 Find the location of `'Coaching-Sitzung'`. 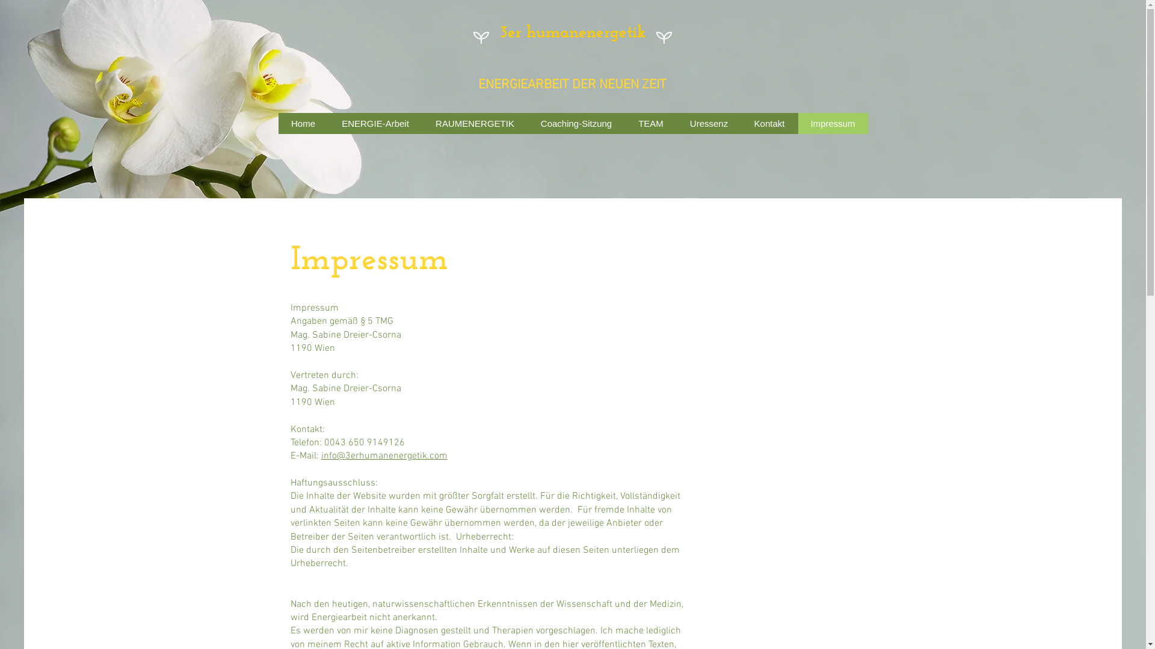

'Coaching-Sitzung' is located at coordinates (574, 123).